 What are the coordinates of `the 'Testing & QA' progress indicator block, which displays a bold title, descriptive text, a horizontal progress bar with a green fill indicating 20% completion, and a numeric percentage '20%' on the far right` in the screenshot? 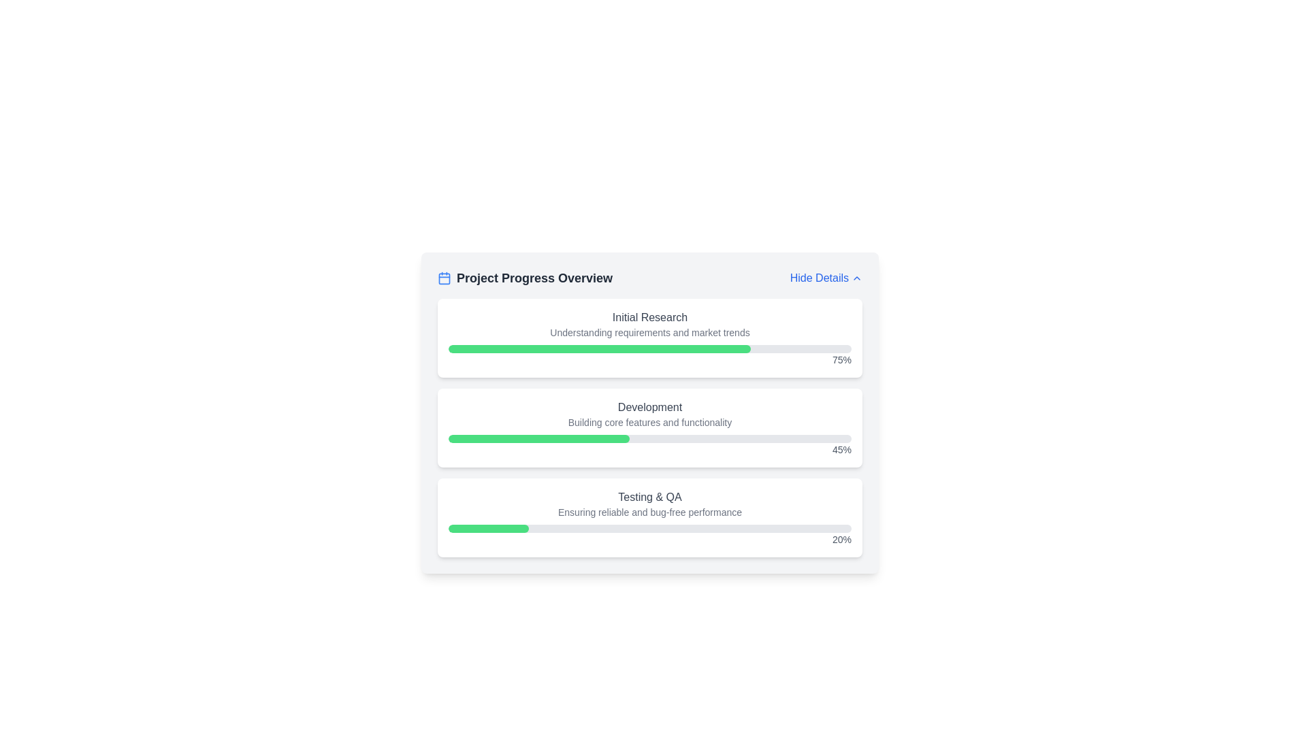 It's located at (649, 517).